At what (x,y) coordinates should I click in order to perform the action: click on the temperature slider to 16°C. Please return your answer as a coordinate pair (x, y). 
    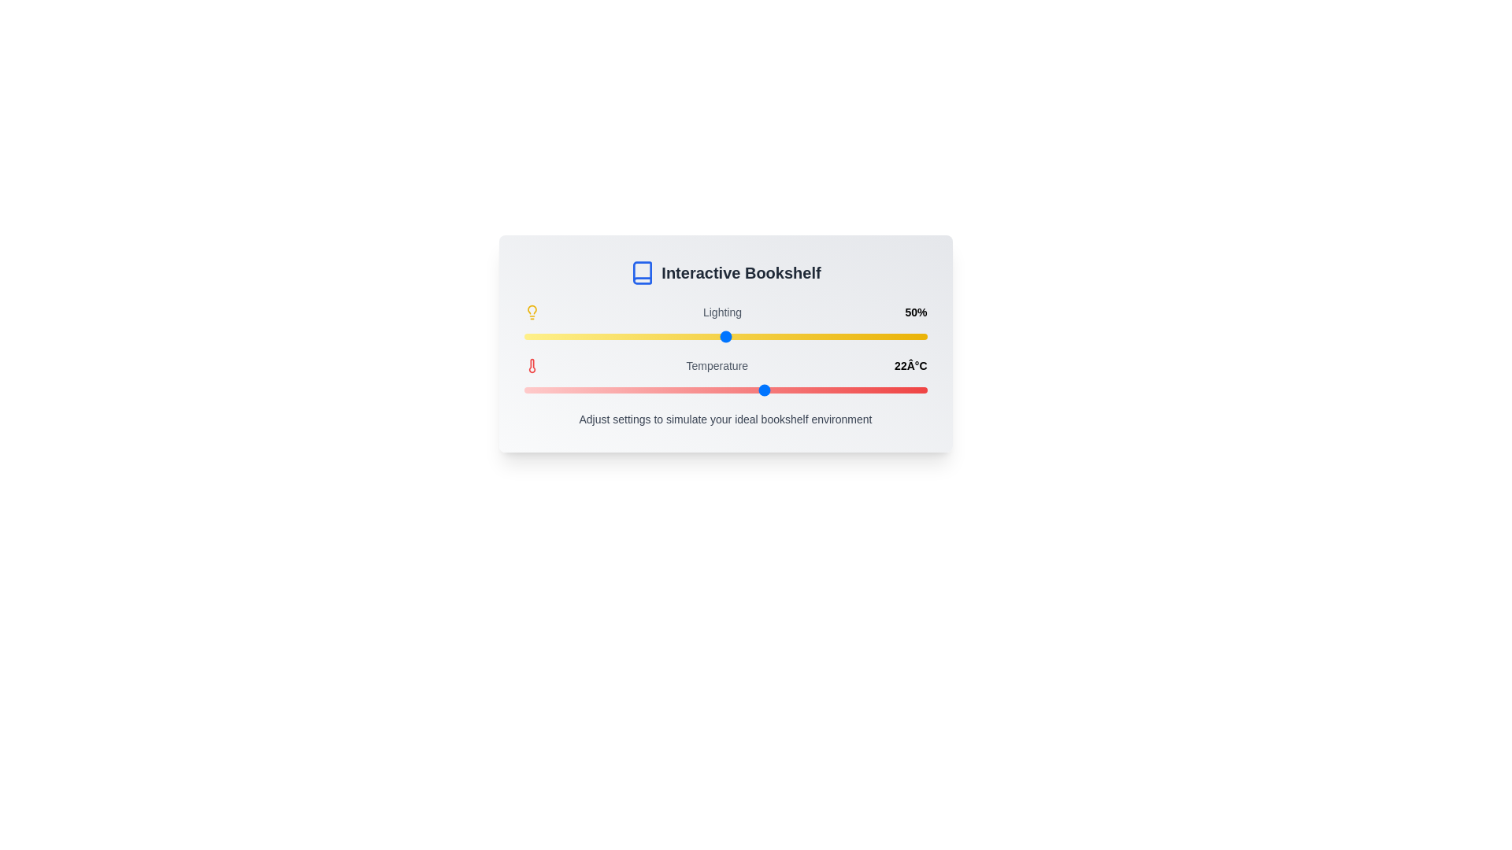
    Looking at the image, I should click on (645, 390).